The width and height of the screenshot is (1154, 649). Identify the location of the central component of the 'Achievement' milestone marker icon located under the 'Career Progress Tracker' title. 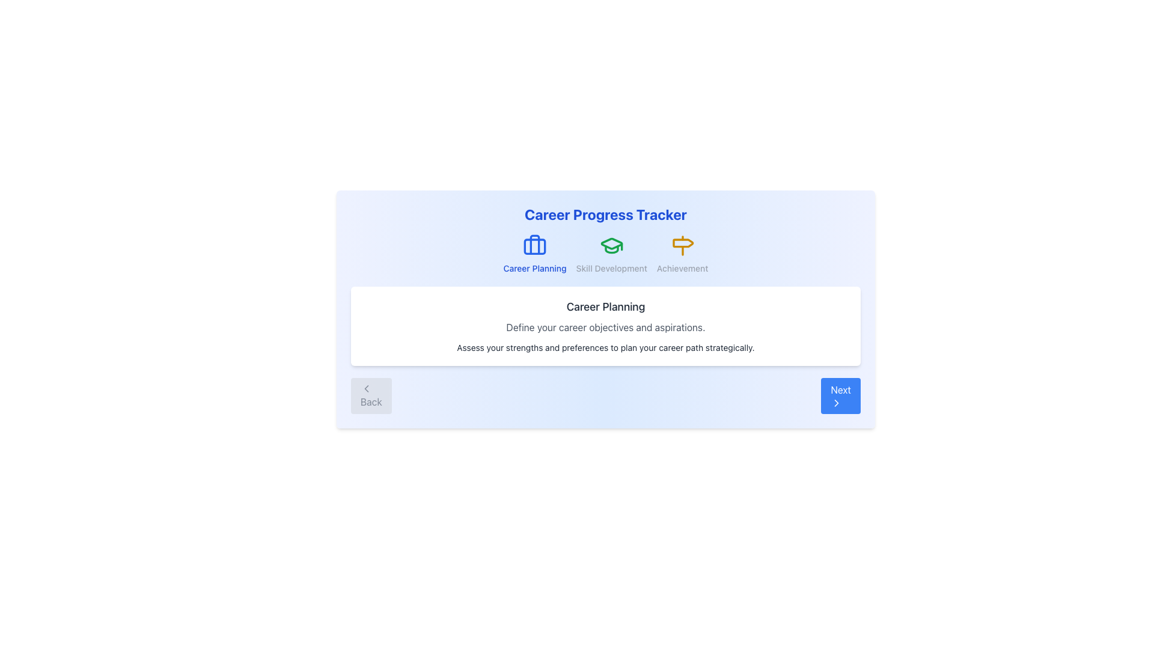
(683, 243).